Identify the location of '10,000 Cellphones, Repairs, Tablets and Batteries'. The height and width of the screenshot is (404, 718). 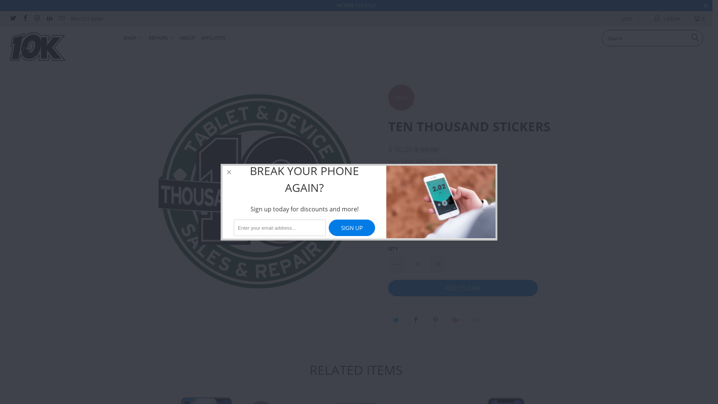
(61, 49).